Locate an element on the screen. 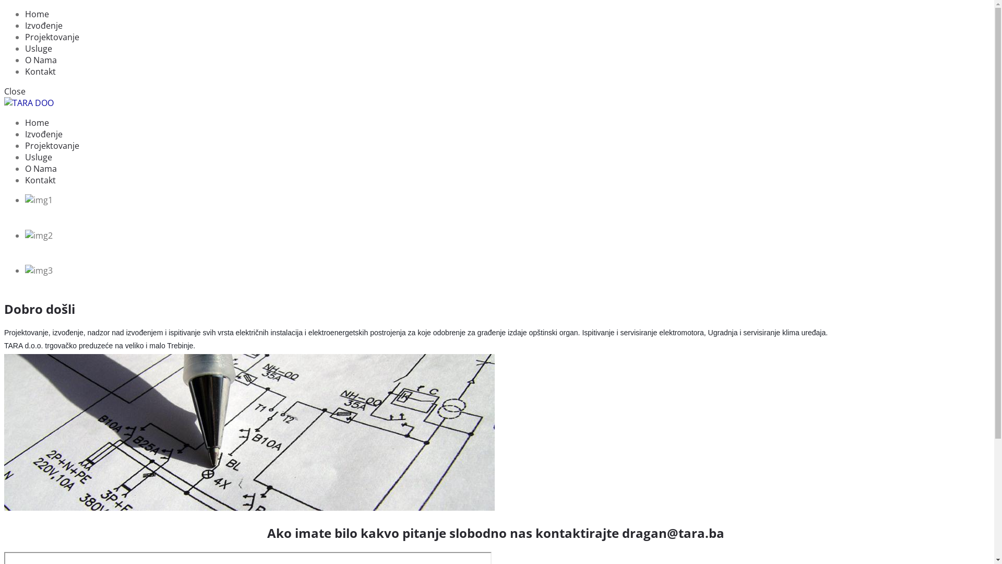 The width and height of the screenshot is (1002, 564). 'Usluge' is located at coordinates (38, 157).